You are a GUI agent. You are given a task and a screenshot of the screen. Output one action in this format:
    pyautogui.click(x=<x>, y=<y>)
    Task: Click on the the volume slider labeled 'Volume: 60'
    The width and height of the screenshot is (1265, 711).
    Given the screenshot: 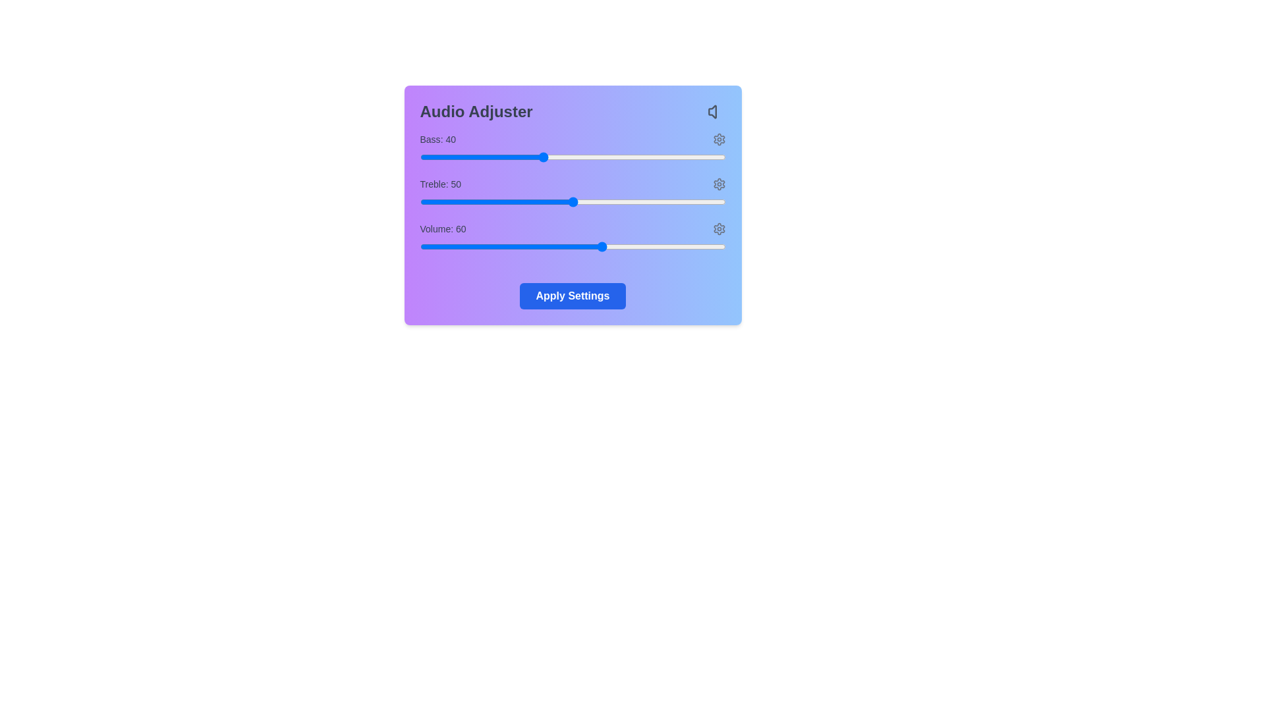 What is the action you would take?
    pyautogui.click(x=573, y=239)
    